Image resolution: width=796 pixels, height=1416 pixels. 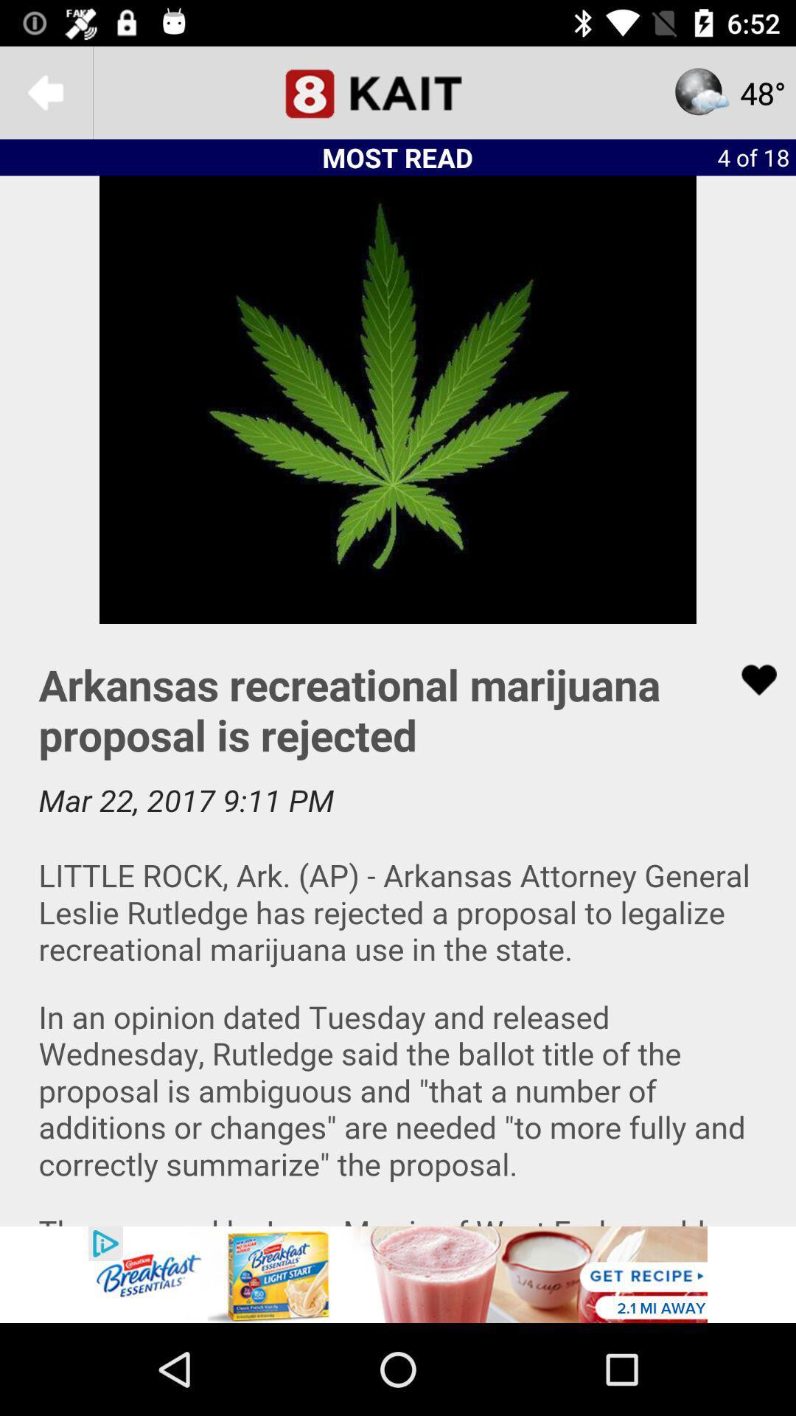 I want to click on the favorite icon, so click(x=750, y=679).